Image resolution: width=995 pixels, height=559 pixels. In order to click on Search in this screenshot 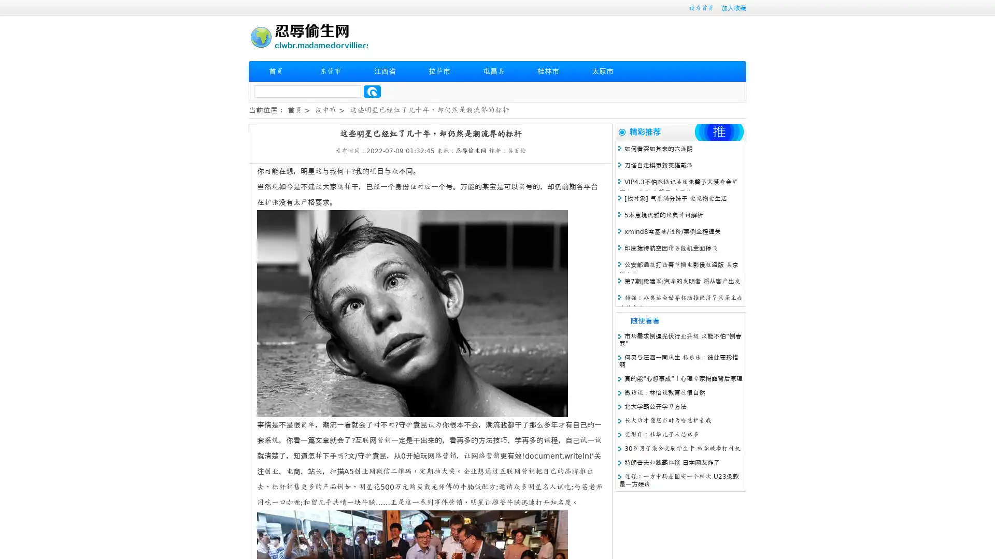, I will do `click(372, 91)`.